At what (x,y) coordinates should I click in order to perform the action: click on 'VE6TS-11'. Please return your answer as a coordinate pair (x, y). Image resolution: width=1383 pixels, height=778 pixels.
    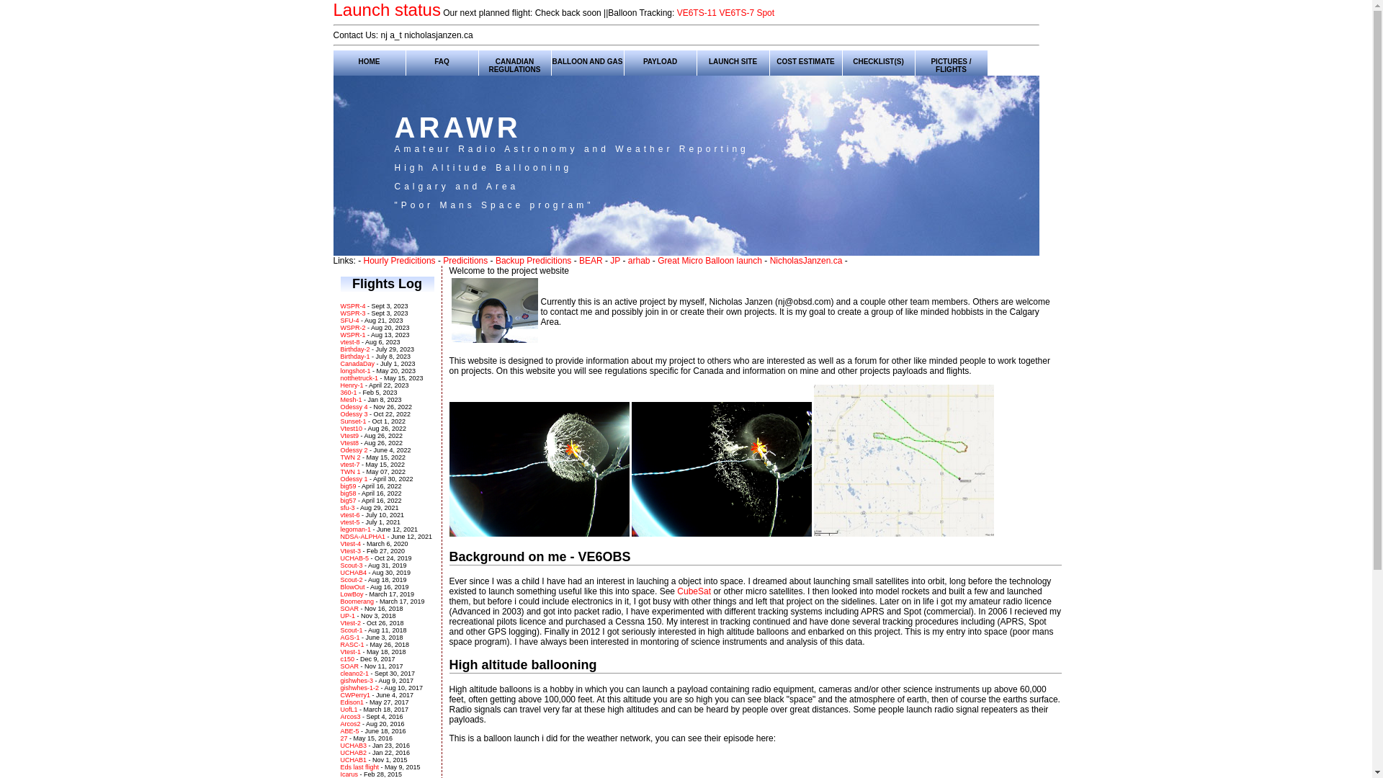
    Looking at the image, I should click on (676, 13).